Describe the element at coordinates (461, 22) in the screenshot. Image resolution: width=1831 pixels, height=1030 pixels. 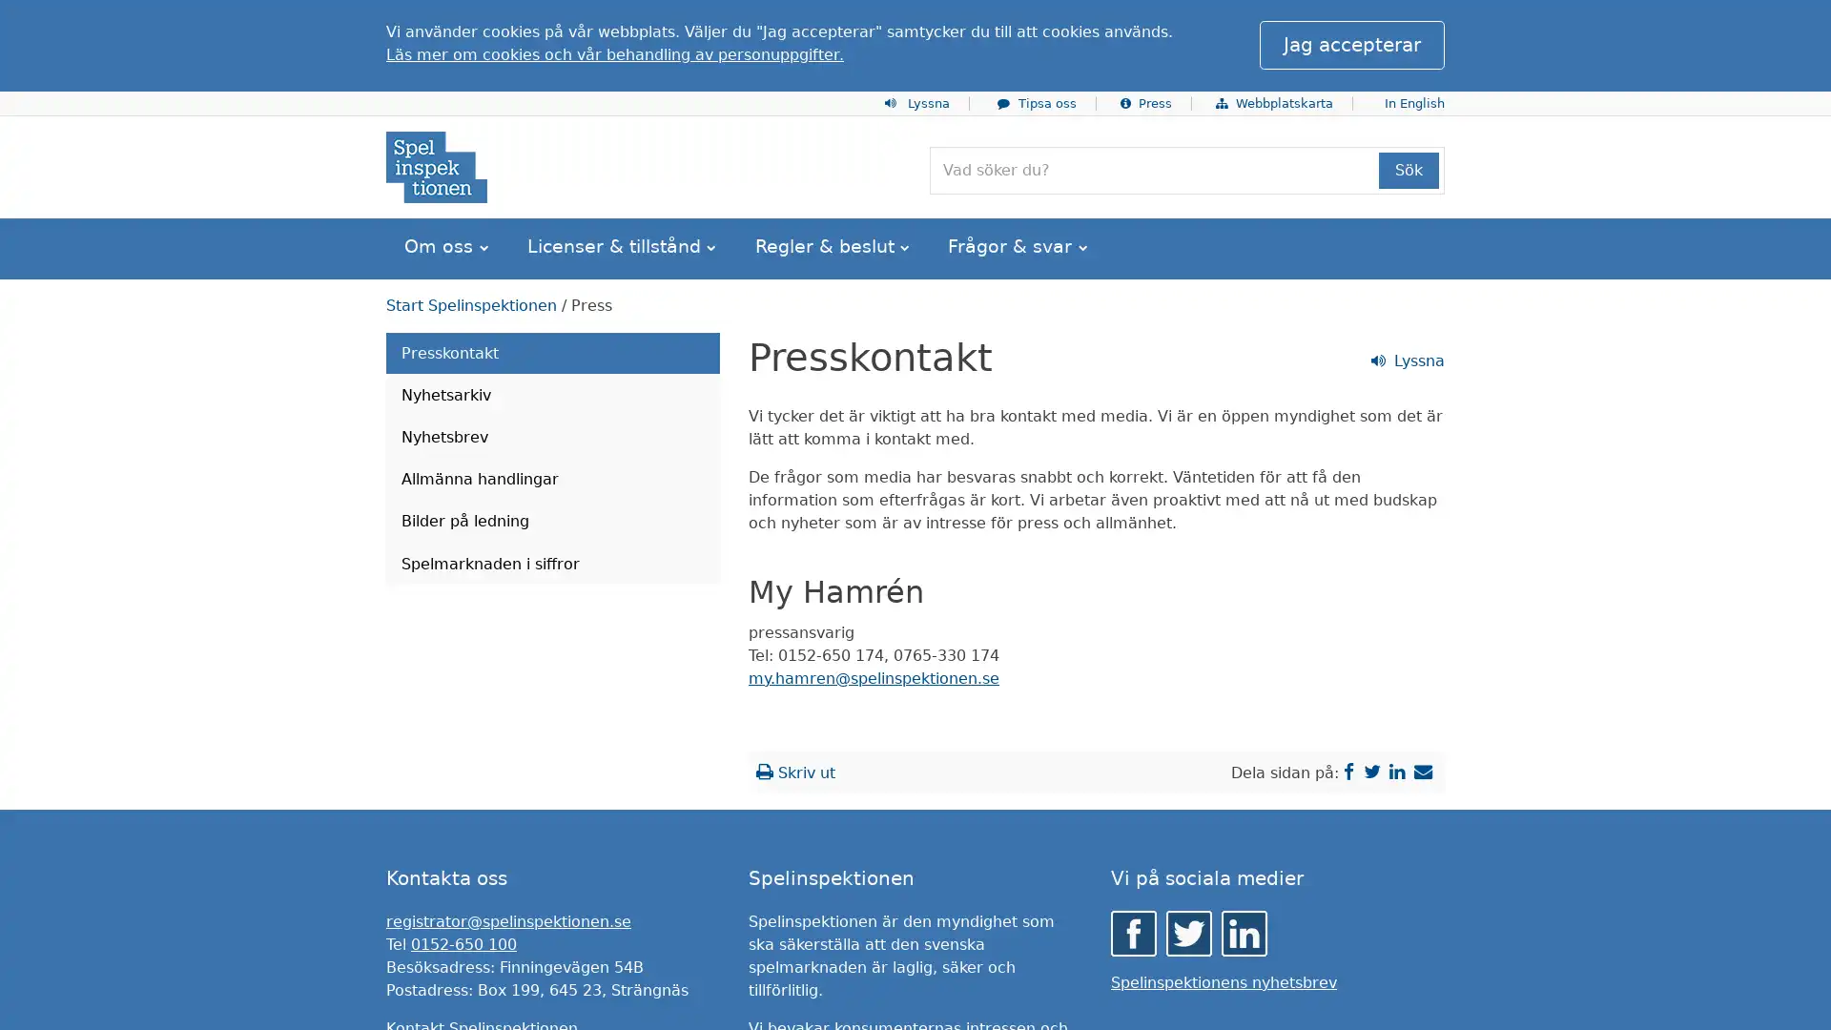
I see `ReadSpeaker webReader: Lyssna med webReader` at that location.